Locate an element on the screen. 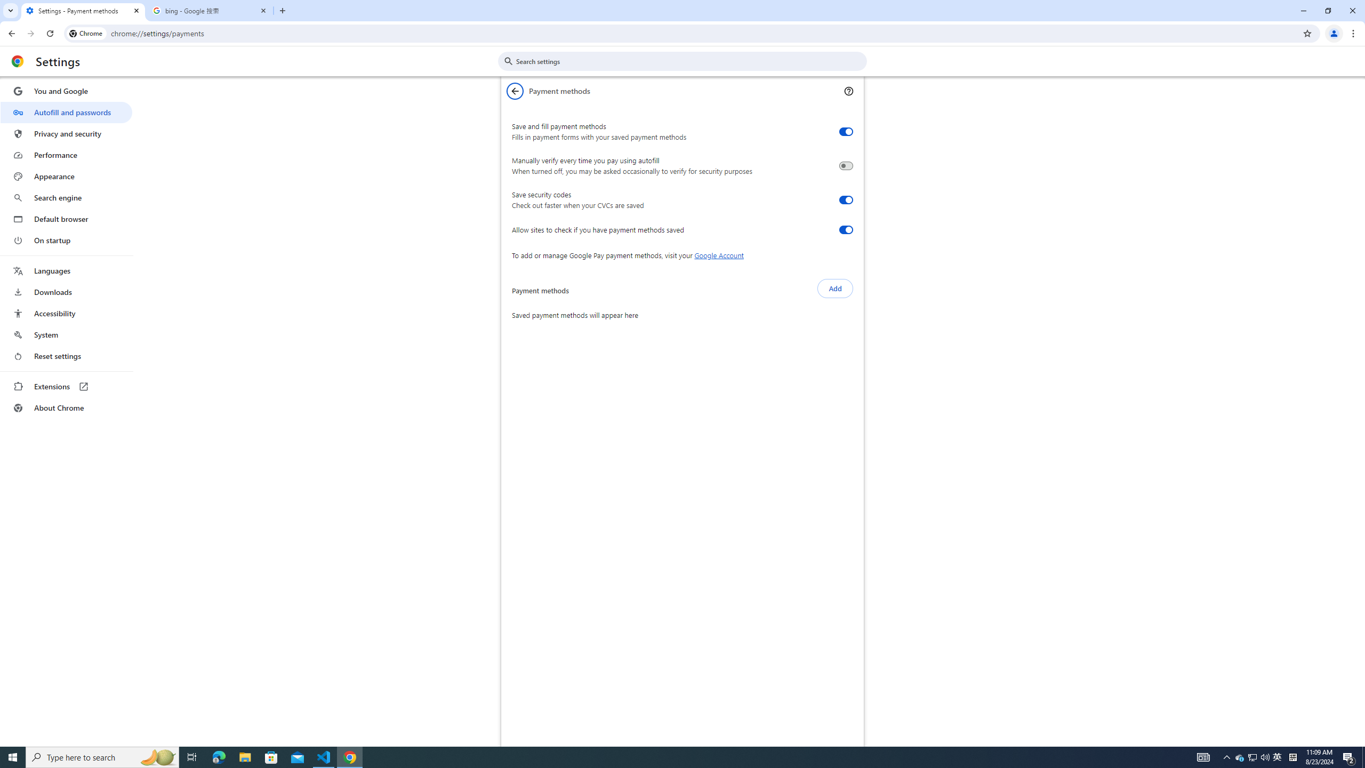 This screenshot has width=1365, height=768. 'Search settings' is located at coordinates (689, 61).